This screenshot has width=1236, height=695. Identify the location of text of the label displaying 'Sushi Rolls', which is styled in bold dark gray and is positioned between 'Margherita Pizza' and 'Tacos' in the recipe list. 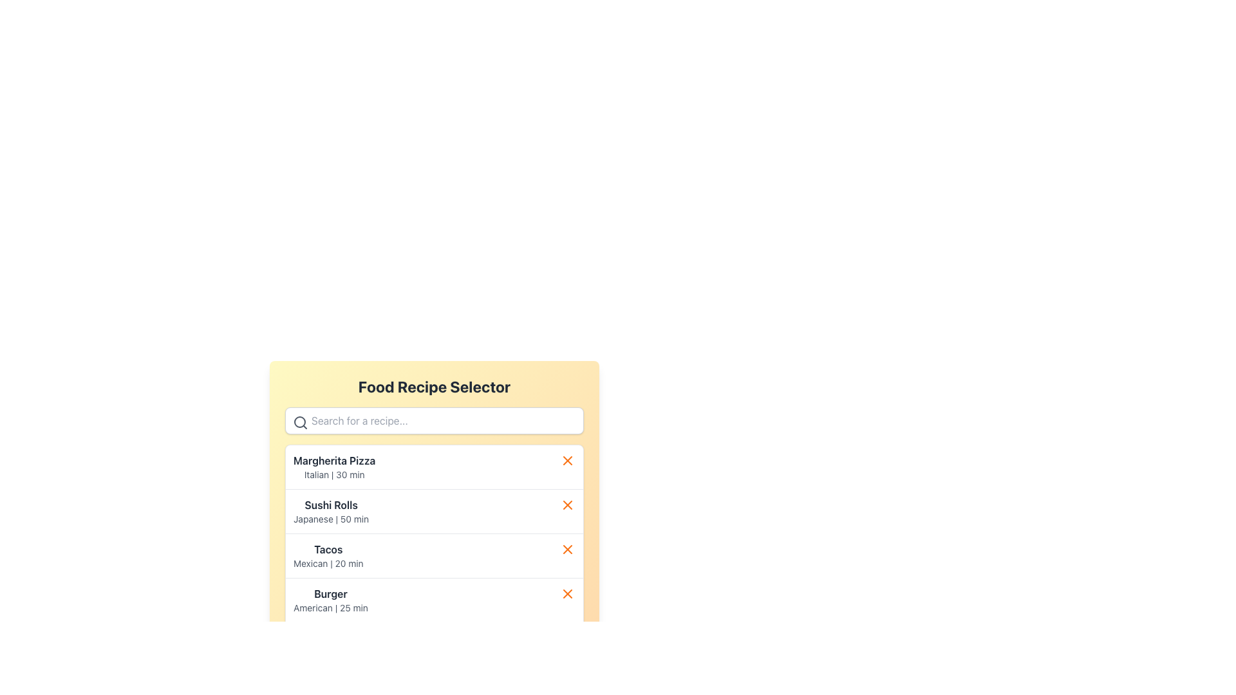
(331, 505).